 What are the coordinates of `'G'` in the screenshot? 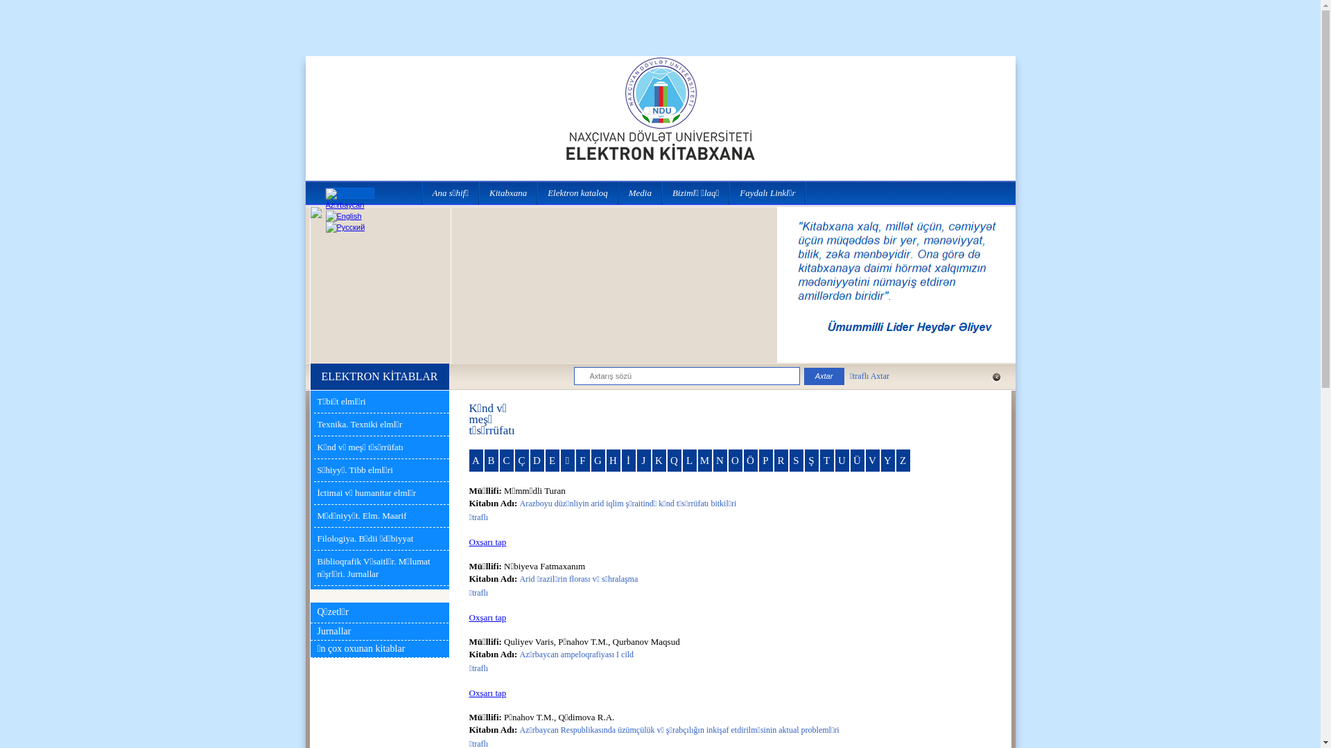 It's located at (598, 460).